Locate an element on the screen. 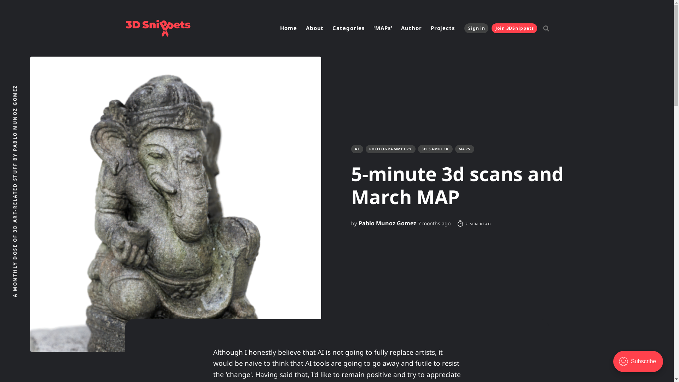 The width and height of the screenshot is (679, 382). 'Pablo Munoz Gomez' is located at coordinates (387, 223).